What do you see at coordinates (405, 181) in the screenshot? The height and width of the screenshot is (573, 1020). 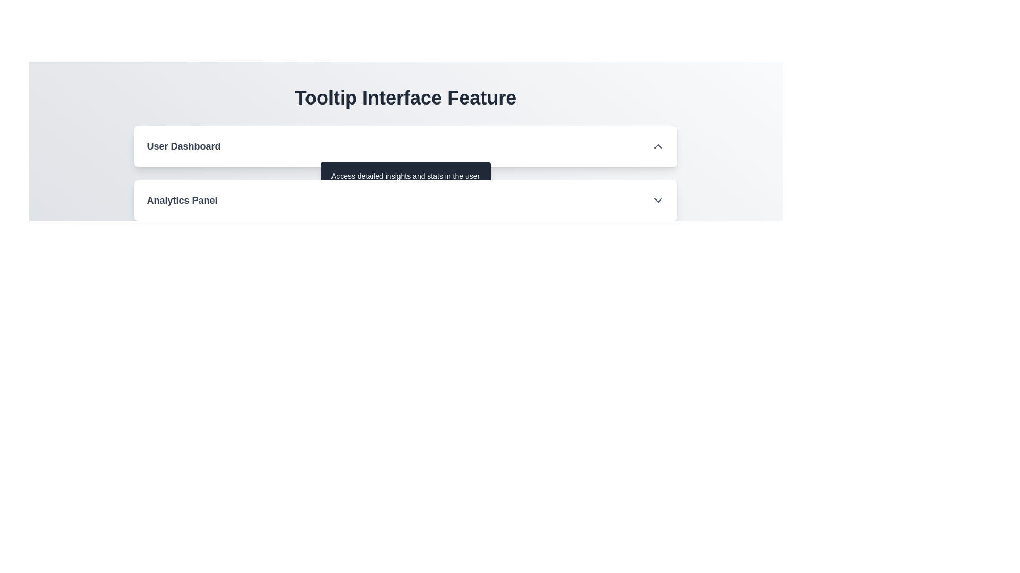 I see `tooltip text that provides additional information about the 'User Dashboard' feature, which is displayed directly below the 'User Dashboard' heading` at bounding box center [405, 181].